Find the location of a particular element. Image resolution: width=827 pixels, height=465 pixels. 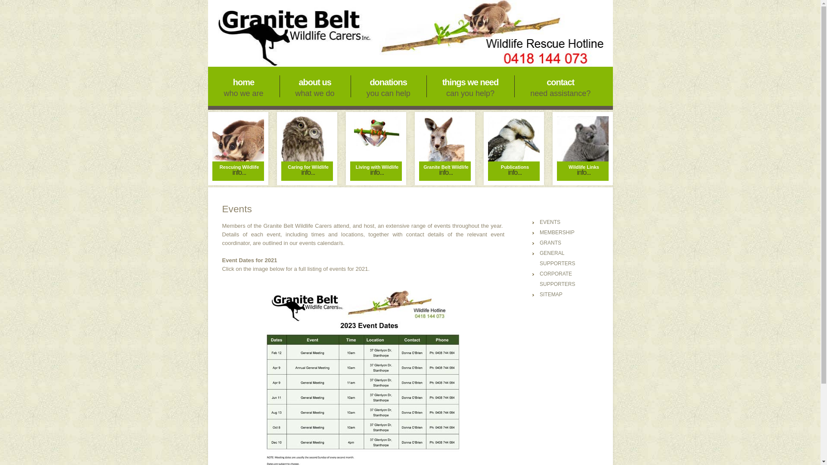

'GRANTS' is located at coordinates (550, 242).